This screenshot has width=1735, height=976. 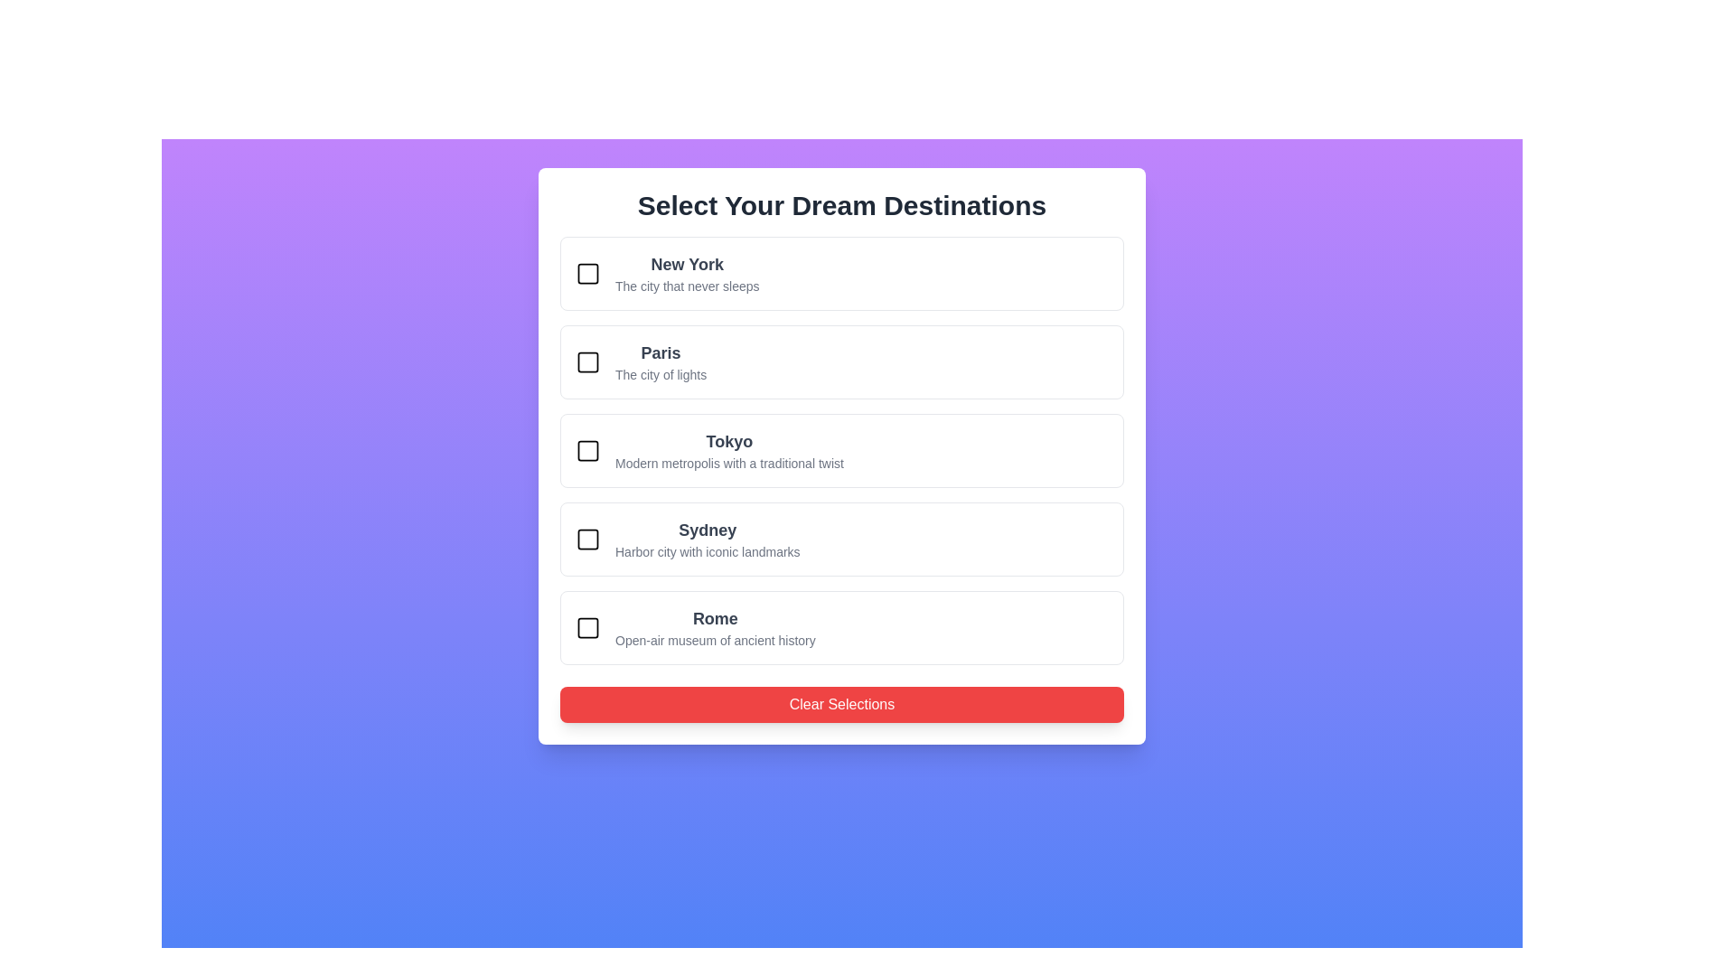 I want to click on the city Paris by clicking on its checkbox or card, so click(x=588, y=362).